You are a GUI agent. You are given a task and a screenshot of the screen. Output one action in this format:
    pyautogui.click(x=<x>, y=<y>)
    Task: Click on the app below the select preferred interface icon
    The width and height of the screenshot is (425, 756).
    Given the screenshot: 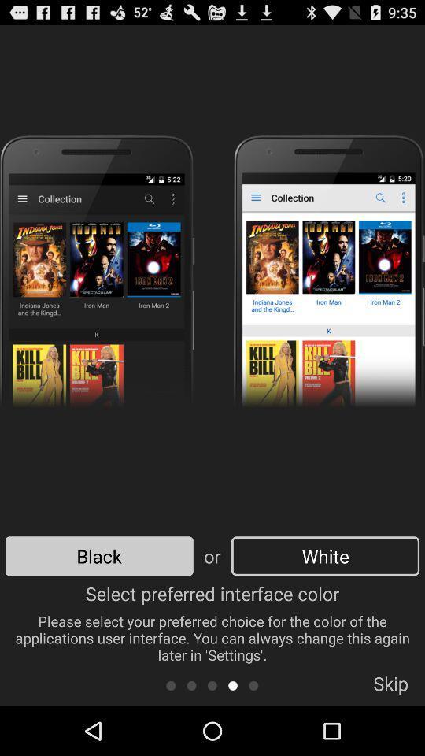 What is the action you would take?
    pyautogui.click(x=390, y=687)
    